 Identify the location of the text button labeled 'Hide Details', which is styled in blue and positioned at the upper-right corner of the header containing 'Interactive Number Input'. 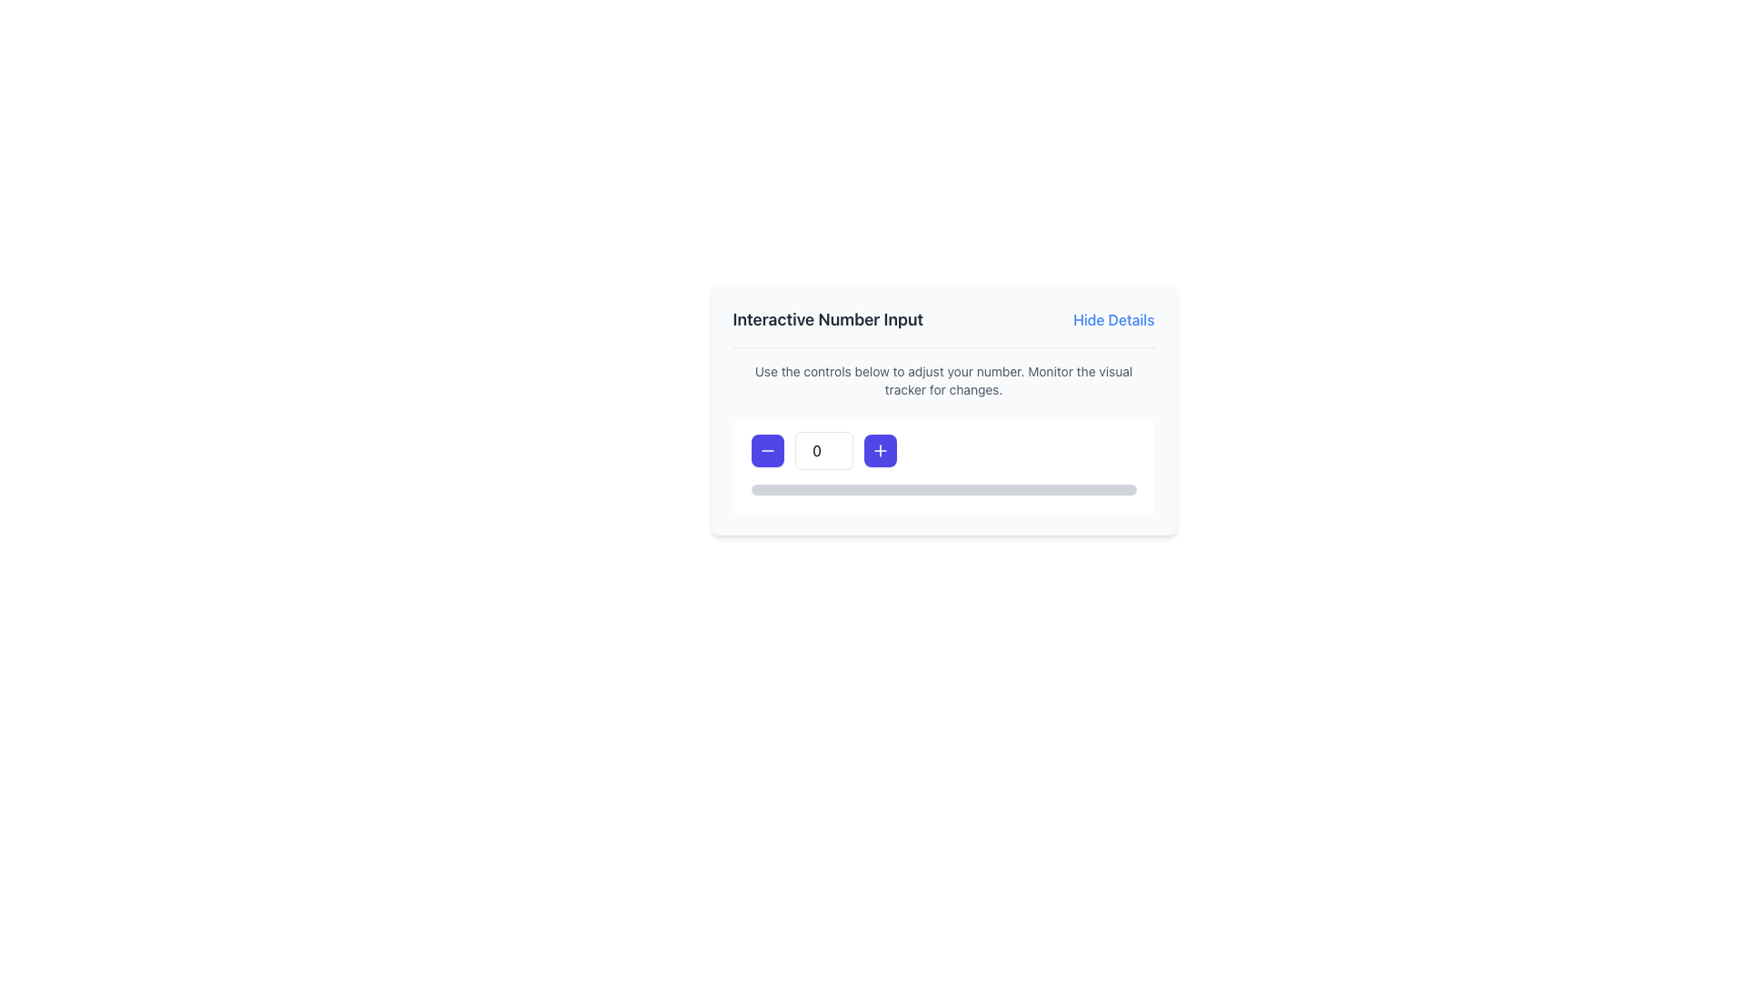
(1112, 318).